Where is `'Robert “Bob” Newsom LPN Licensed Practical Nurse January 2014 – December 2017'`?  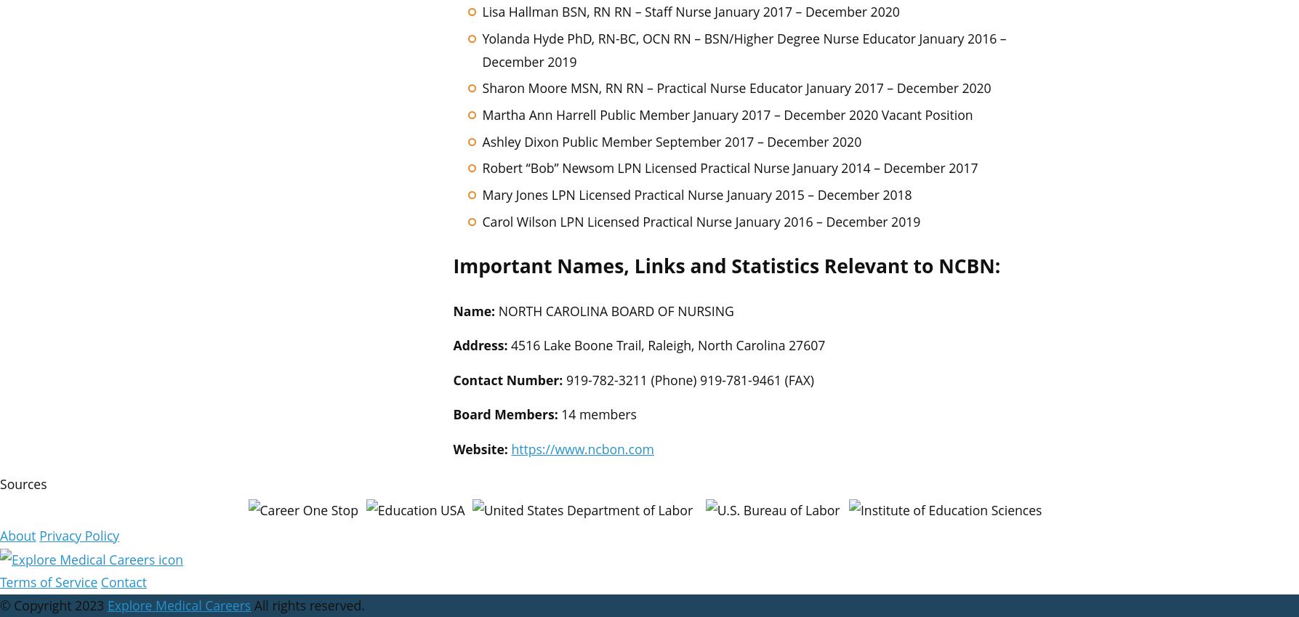
'Robert “Bob” Newsom LPN Licensed Practical Nurse January 2014 – December 2017' is located at coordinates (728, 167).